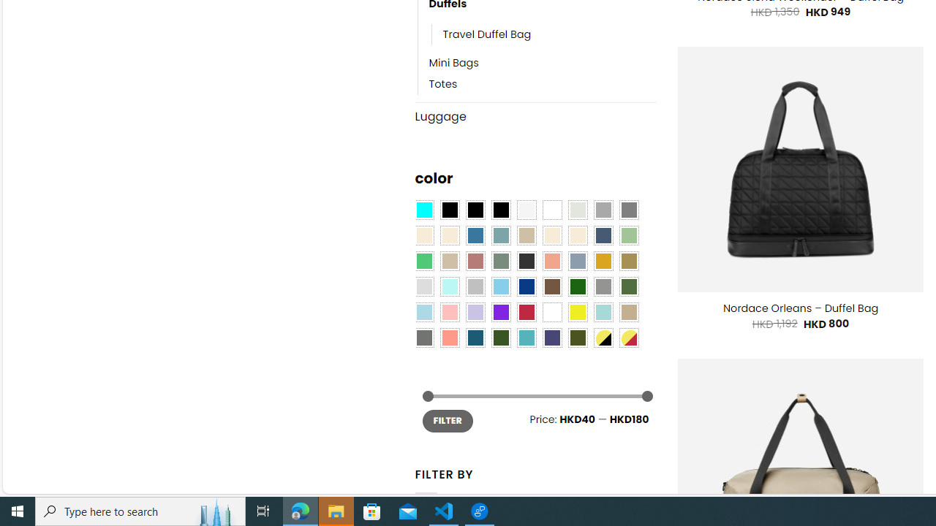  I want to click on 'Light Gray', so click(423, 287).